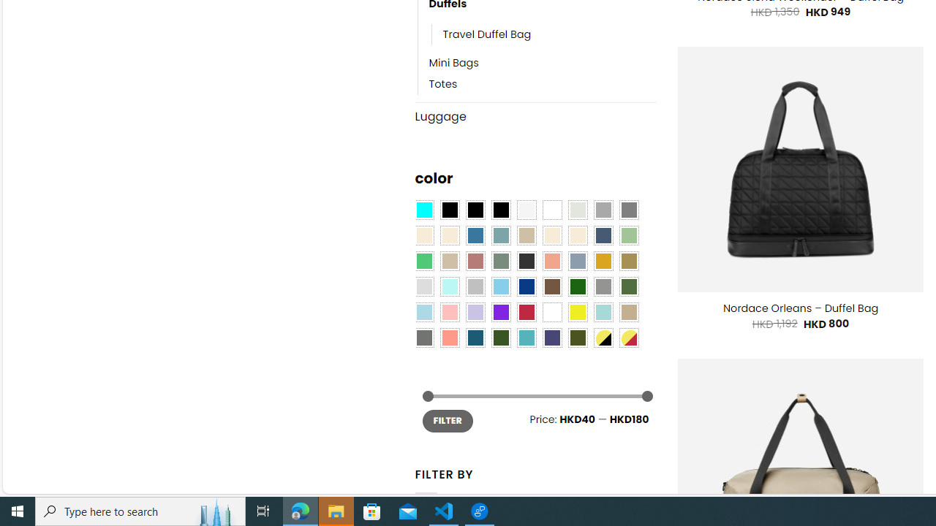  I want to click on 'Light Gray', so click(423, 287).